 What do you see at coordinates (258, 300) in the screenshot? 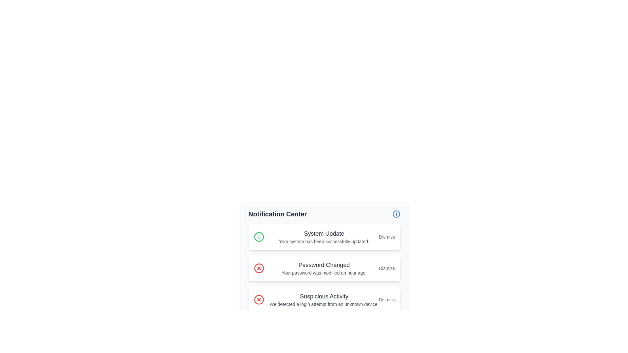
I see `the error icon indicating suspicious activity in the third row of notifications` at bounding box center [258, 300].